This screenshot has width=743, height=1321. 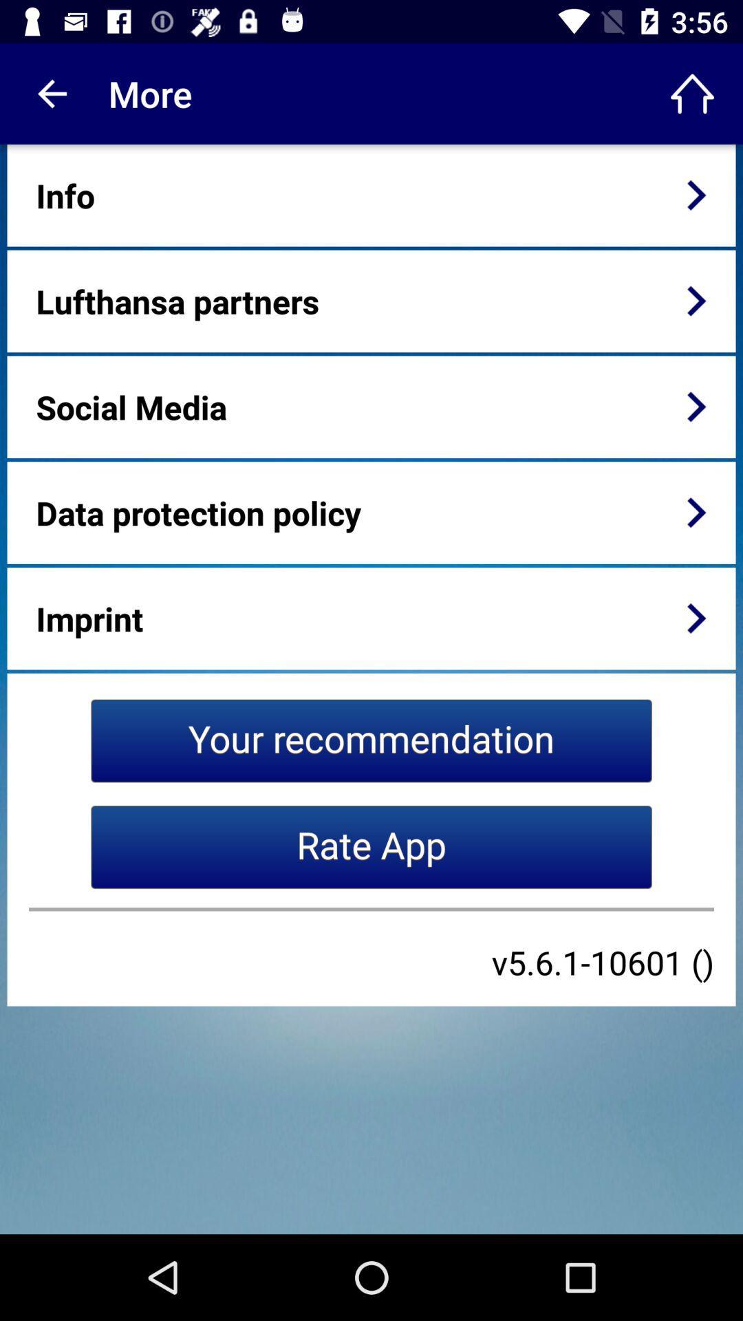 What do you see at coordinates (692, 93) in the screenshot?
I see `the item next to more item` at bounding box center [692, 93].